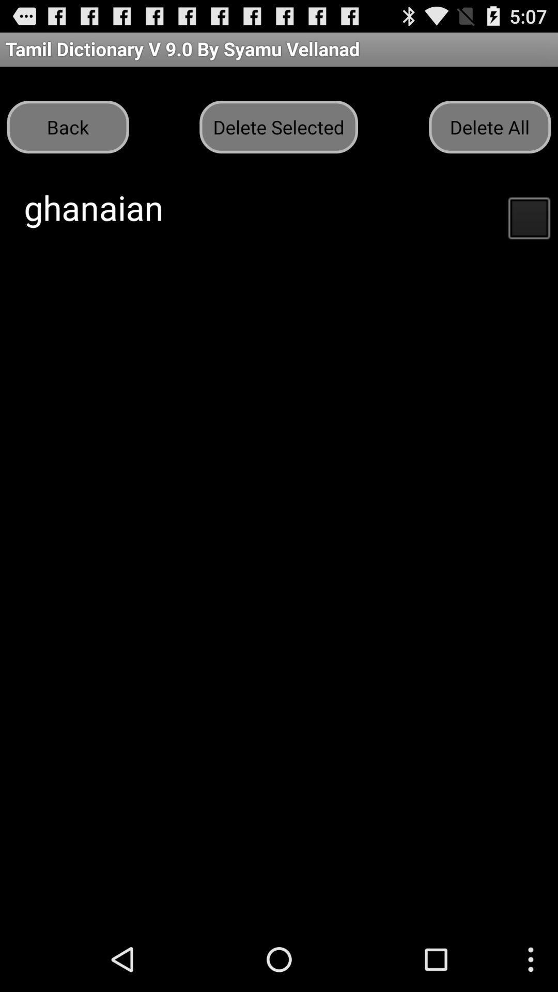 The height and width of the screenshot is (992, 558). Describe the element at coordinates (529, 216) in the screenshot. I see `item next to ghanaian` at that location.